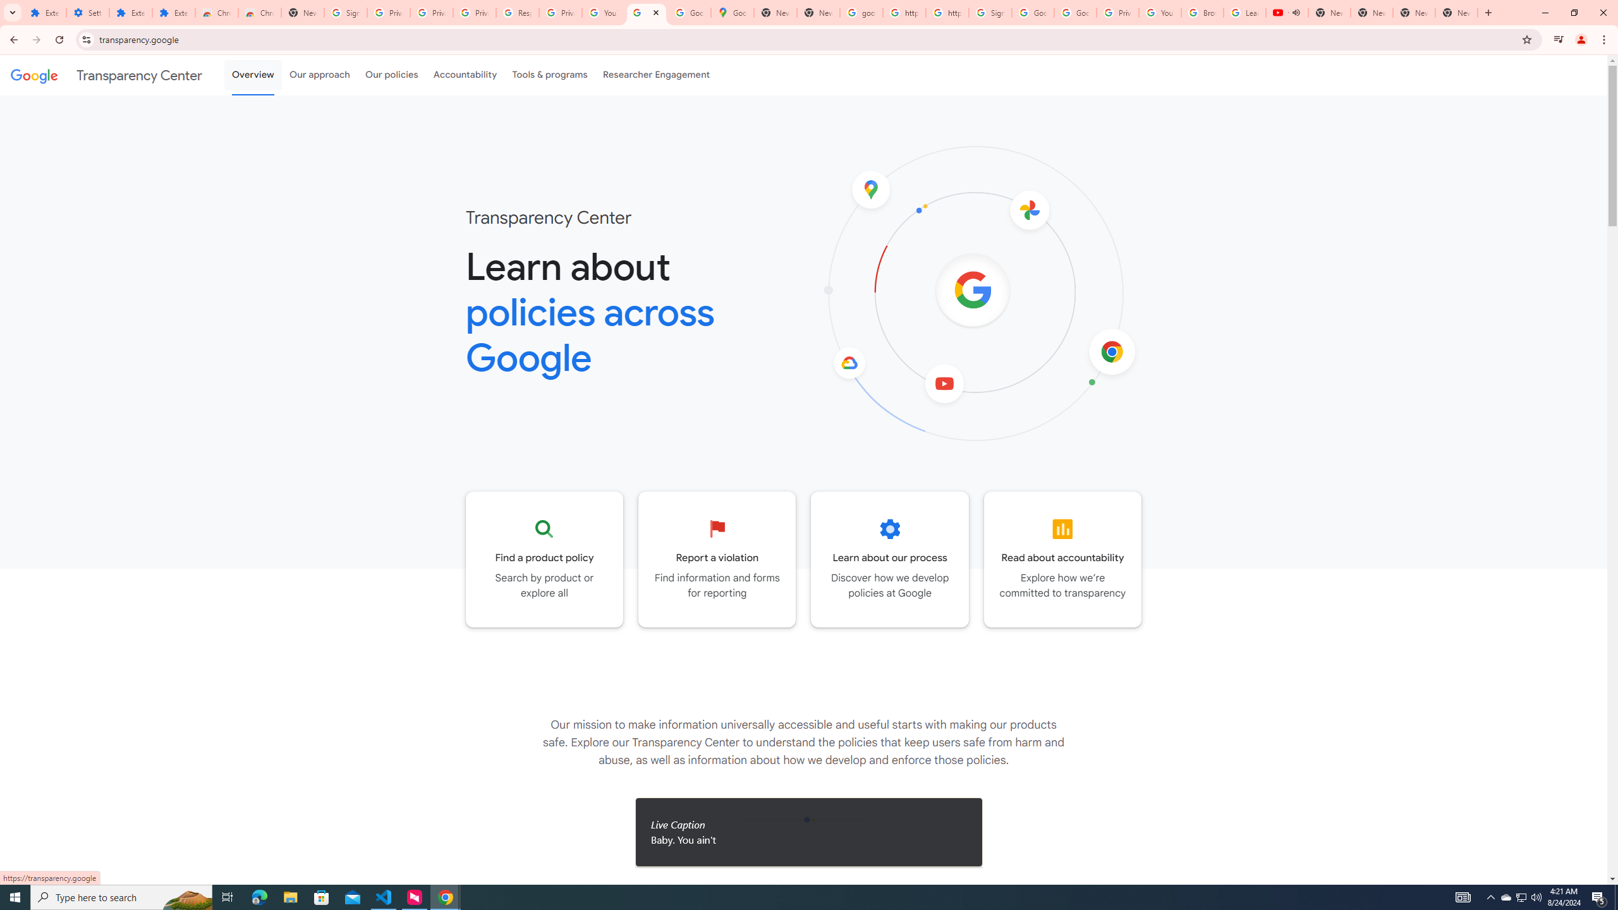  What do you see at coordinates (657, 75) in the screenshot?
I see `'Researcher Engagement'` at bounding box center [657, 75].